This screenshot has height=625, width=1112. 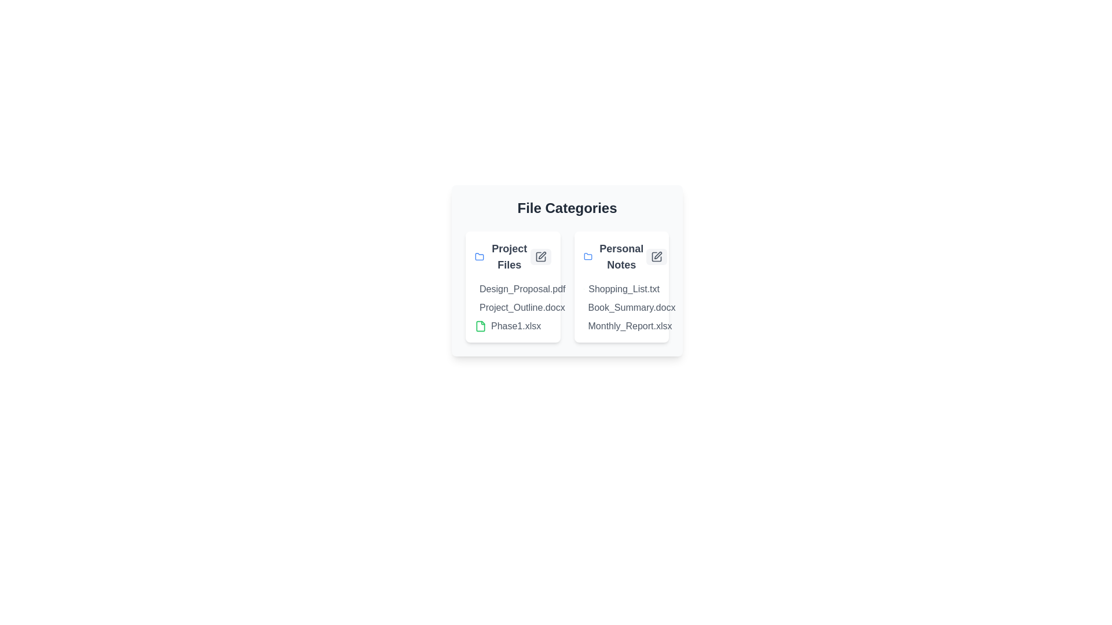 What do you see at coordinates (621, 256) in the screenshot?
I see `the category Personal Notes for accessibility interaction` at bounding box center [621, 256].